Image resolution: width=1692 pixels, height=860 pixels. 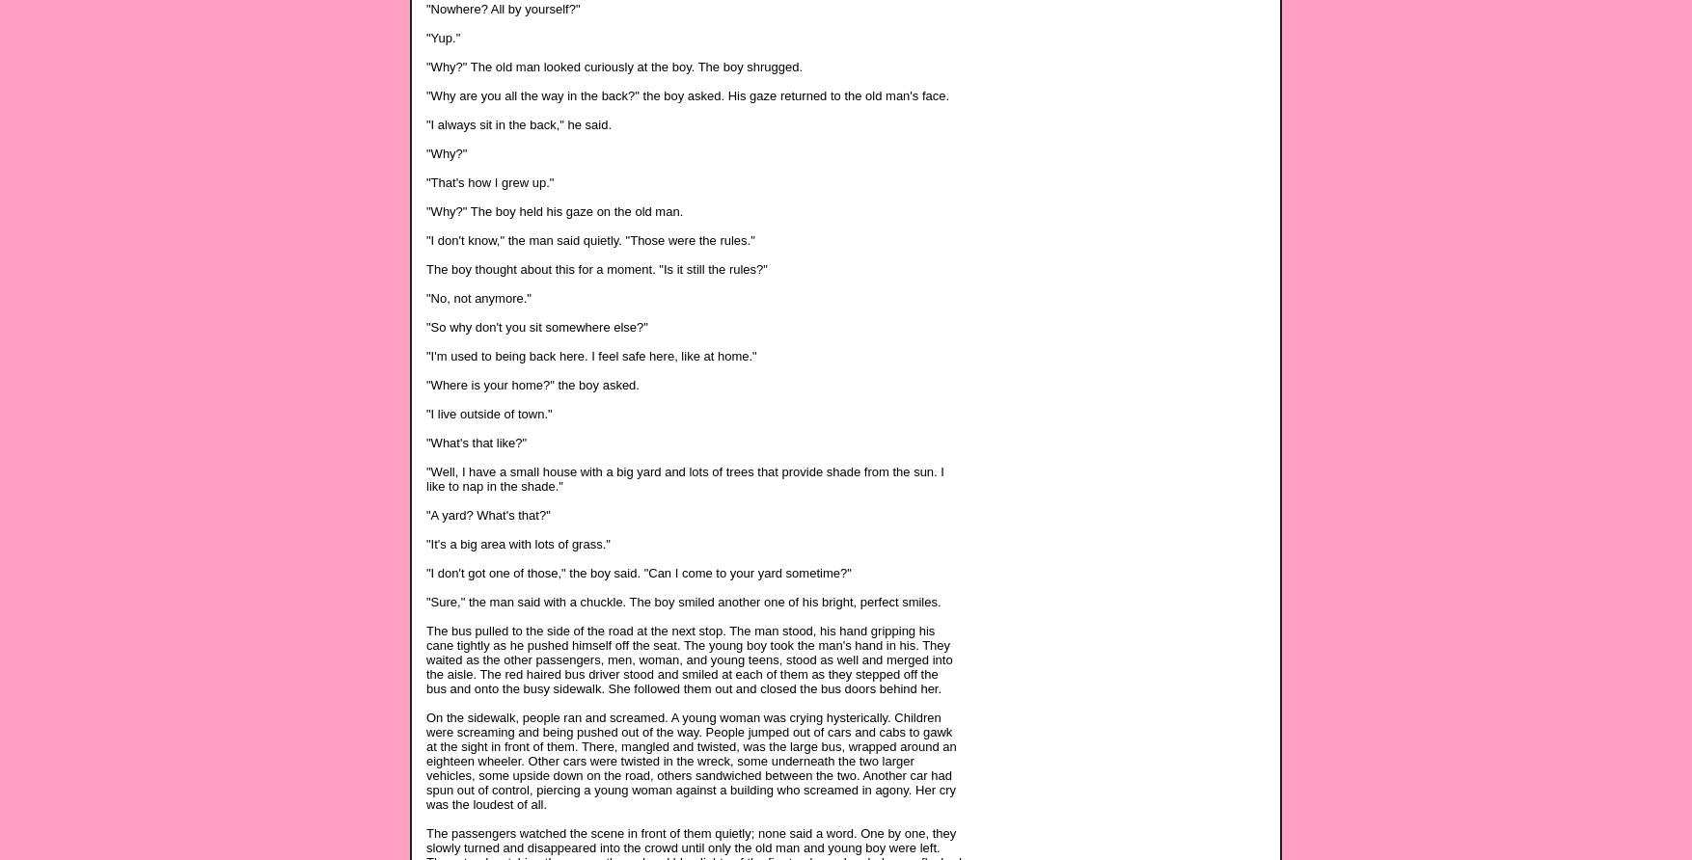 I want to click on '"Sure," the man said with a chuckle. The boy smiled another one of his bright, perfect smiles.', so click(x=683, y=600).